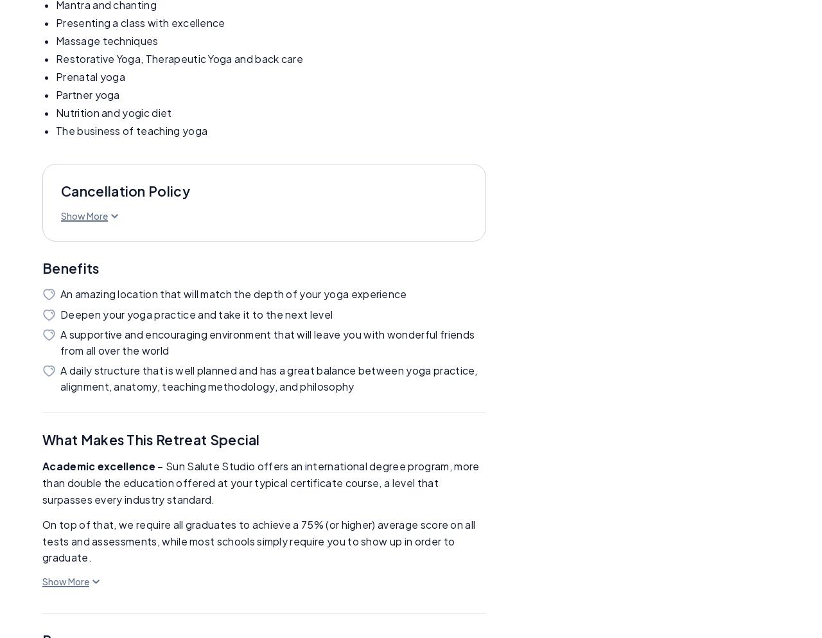 The height and width of the screenshot is (638, 822). What do you see at coordinates (233, 294) in the screenshot?
I see `'An amazing location that will match the depth of your yoga experience'` at bounding box center [233, 294].